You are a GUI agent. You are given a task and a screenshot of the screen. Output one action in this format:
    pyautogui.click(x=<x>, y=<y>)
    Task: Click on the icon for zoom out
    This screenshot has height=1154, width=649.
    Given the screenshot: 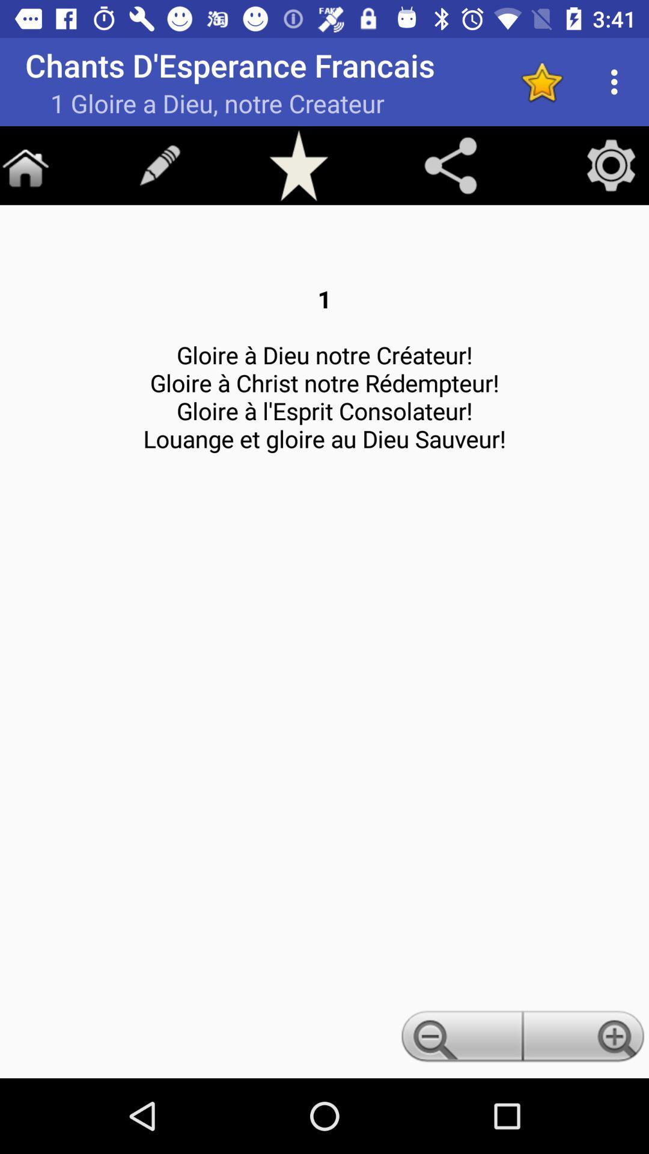 What is the action you would take?
    pyautogui.click(x=459, y=1039)
    